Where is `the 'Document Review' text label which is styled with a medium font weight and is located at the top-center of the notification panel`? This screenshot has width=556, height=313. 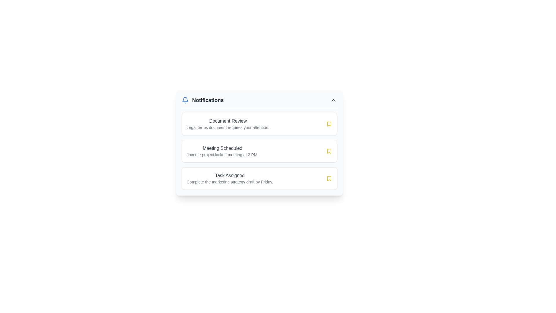
the 'Document Review' text label which is styled with a medium font weight and is located at the top-center of the notification panel is located at coordinates (228, 121).